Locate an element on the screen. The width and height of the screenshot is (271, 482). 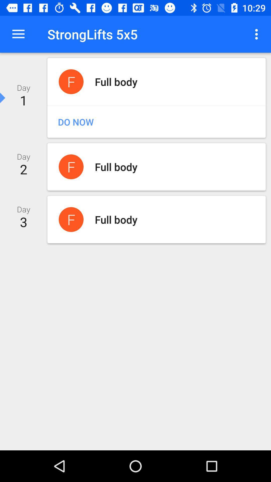
the icon above the day is located at coordinates (18, 34).